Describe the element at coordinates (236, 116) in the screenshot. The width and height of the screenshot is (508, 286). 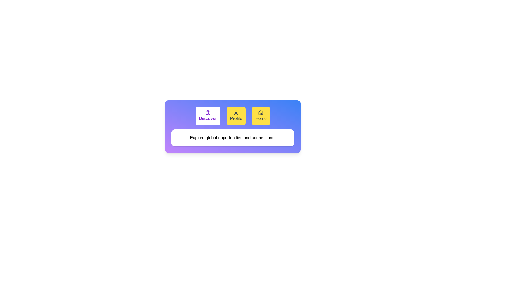
I see `the navigation button located in the center of a horizontal row containing 'Discover' and 'Home'` at that location.